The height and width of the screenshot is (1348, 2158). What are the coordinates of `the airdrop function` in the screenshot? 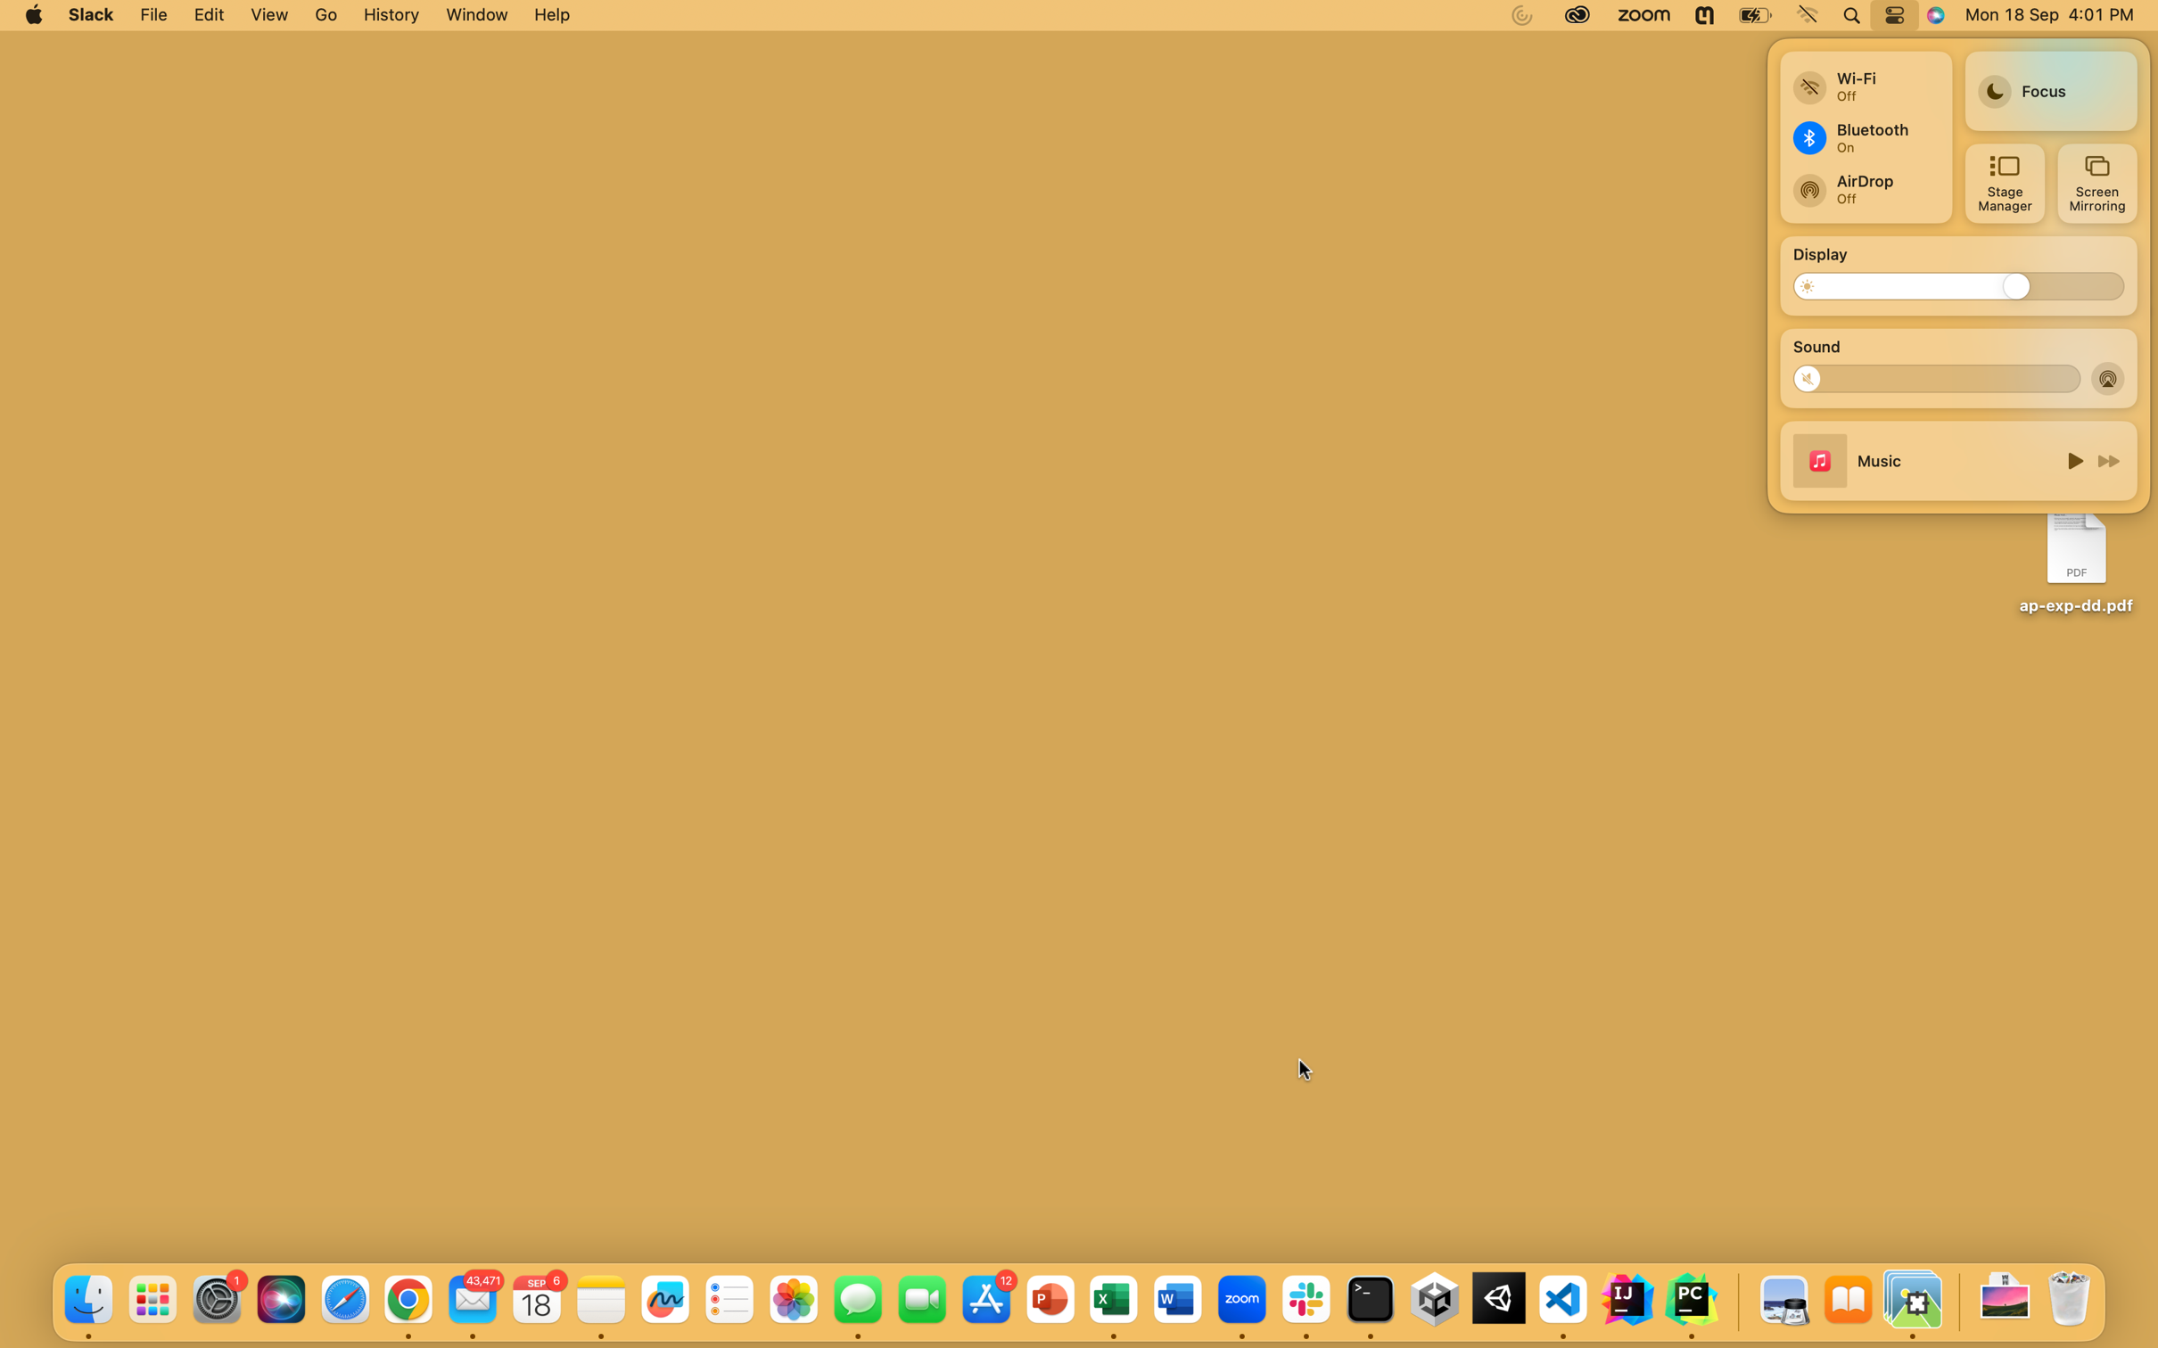 It's located at (2109, 377).